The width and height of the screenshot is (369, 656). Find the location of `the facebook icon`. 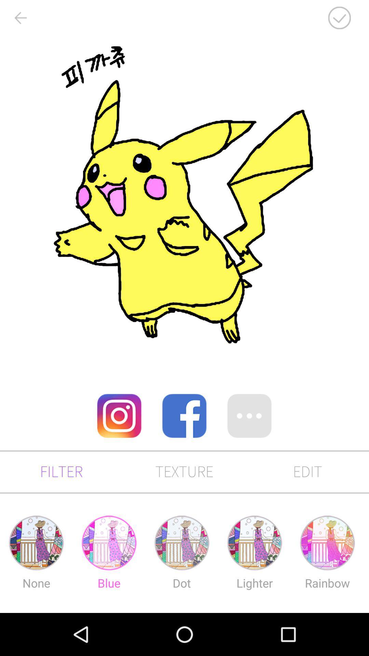

the facebook icon is located at coordinates (184, 415).